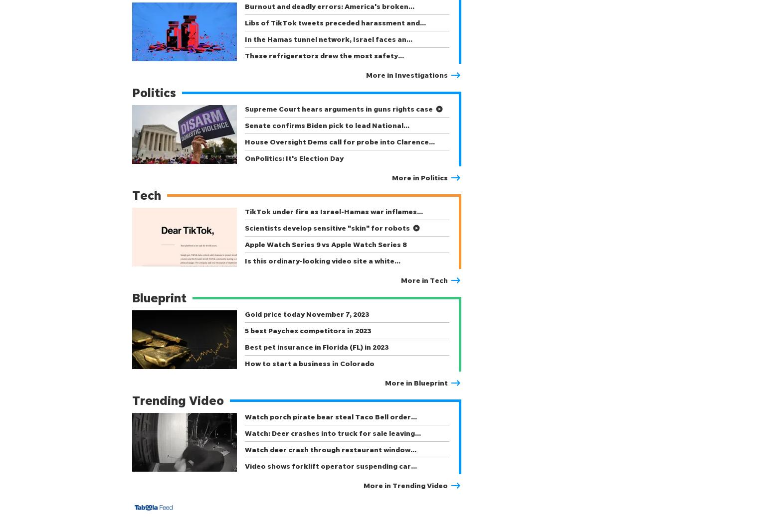 This screenshot has height=517, width=773. What do you see at coordinates (244, 260) in the screenshot?
I see `'Is this ordinary-looking video site a white…'` at bounding box center [244, 260].